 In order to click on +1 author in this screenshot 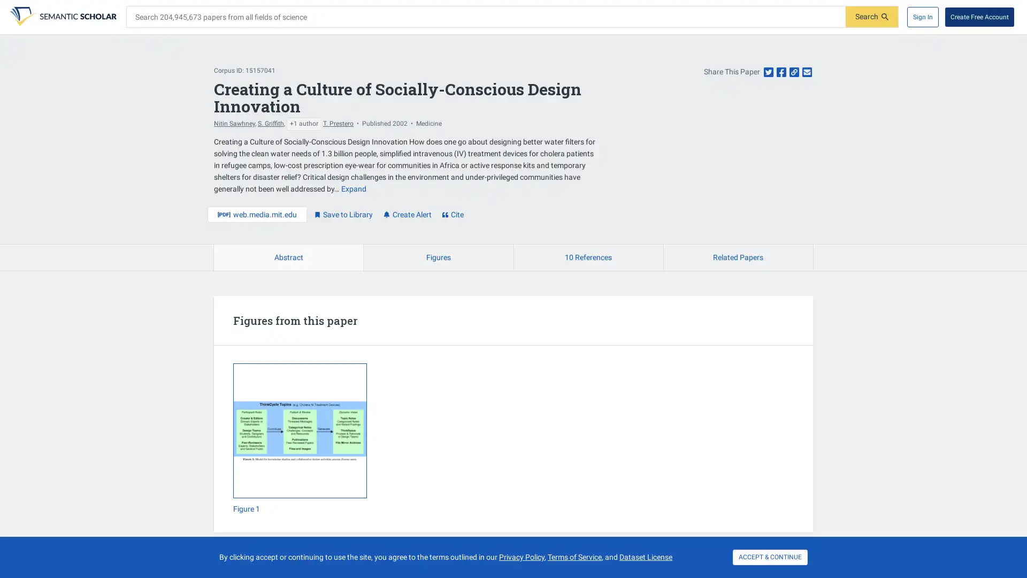, I will do `click(303, 123)`.